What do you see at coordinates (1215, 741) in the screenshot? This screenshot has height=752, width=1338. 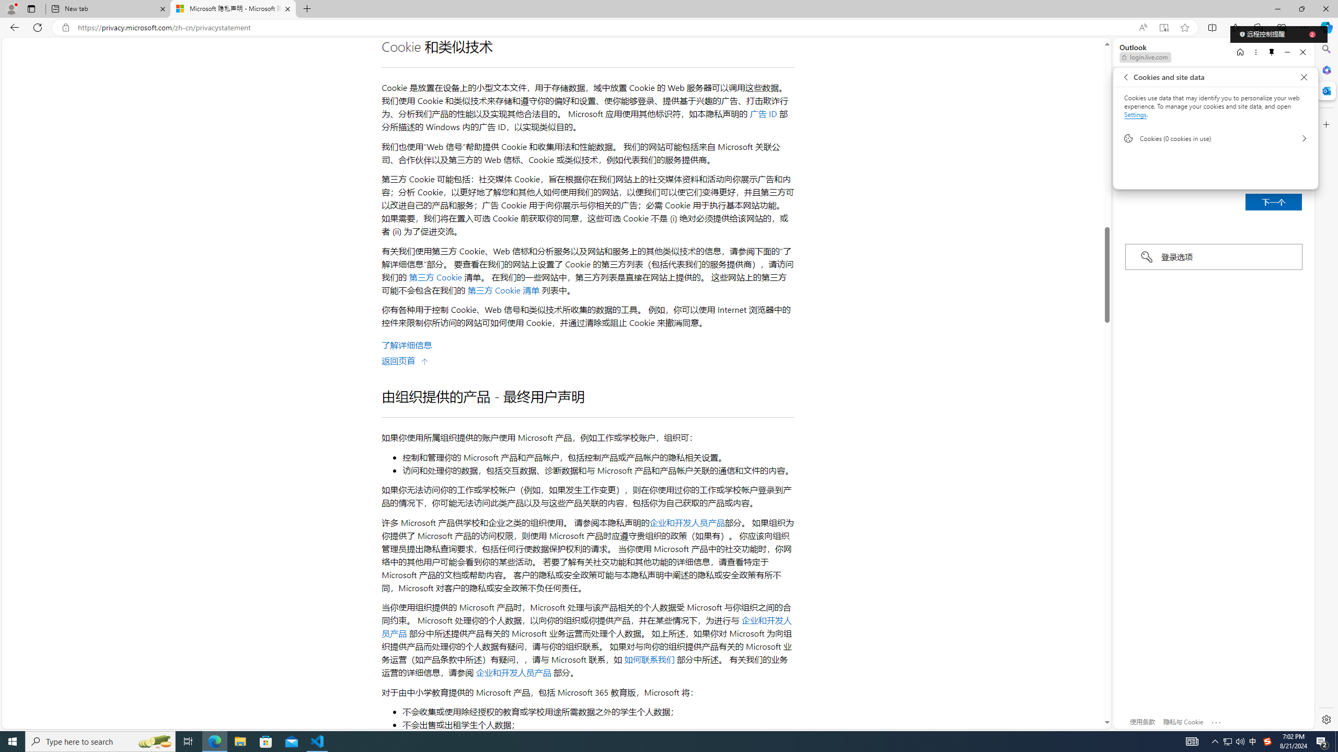 I see `'Notification Chevron'` at bounding box center [1215, 741].